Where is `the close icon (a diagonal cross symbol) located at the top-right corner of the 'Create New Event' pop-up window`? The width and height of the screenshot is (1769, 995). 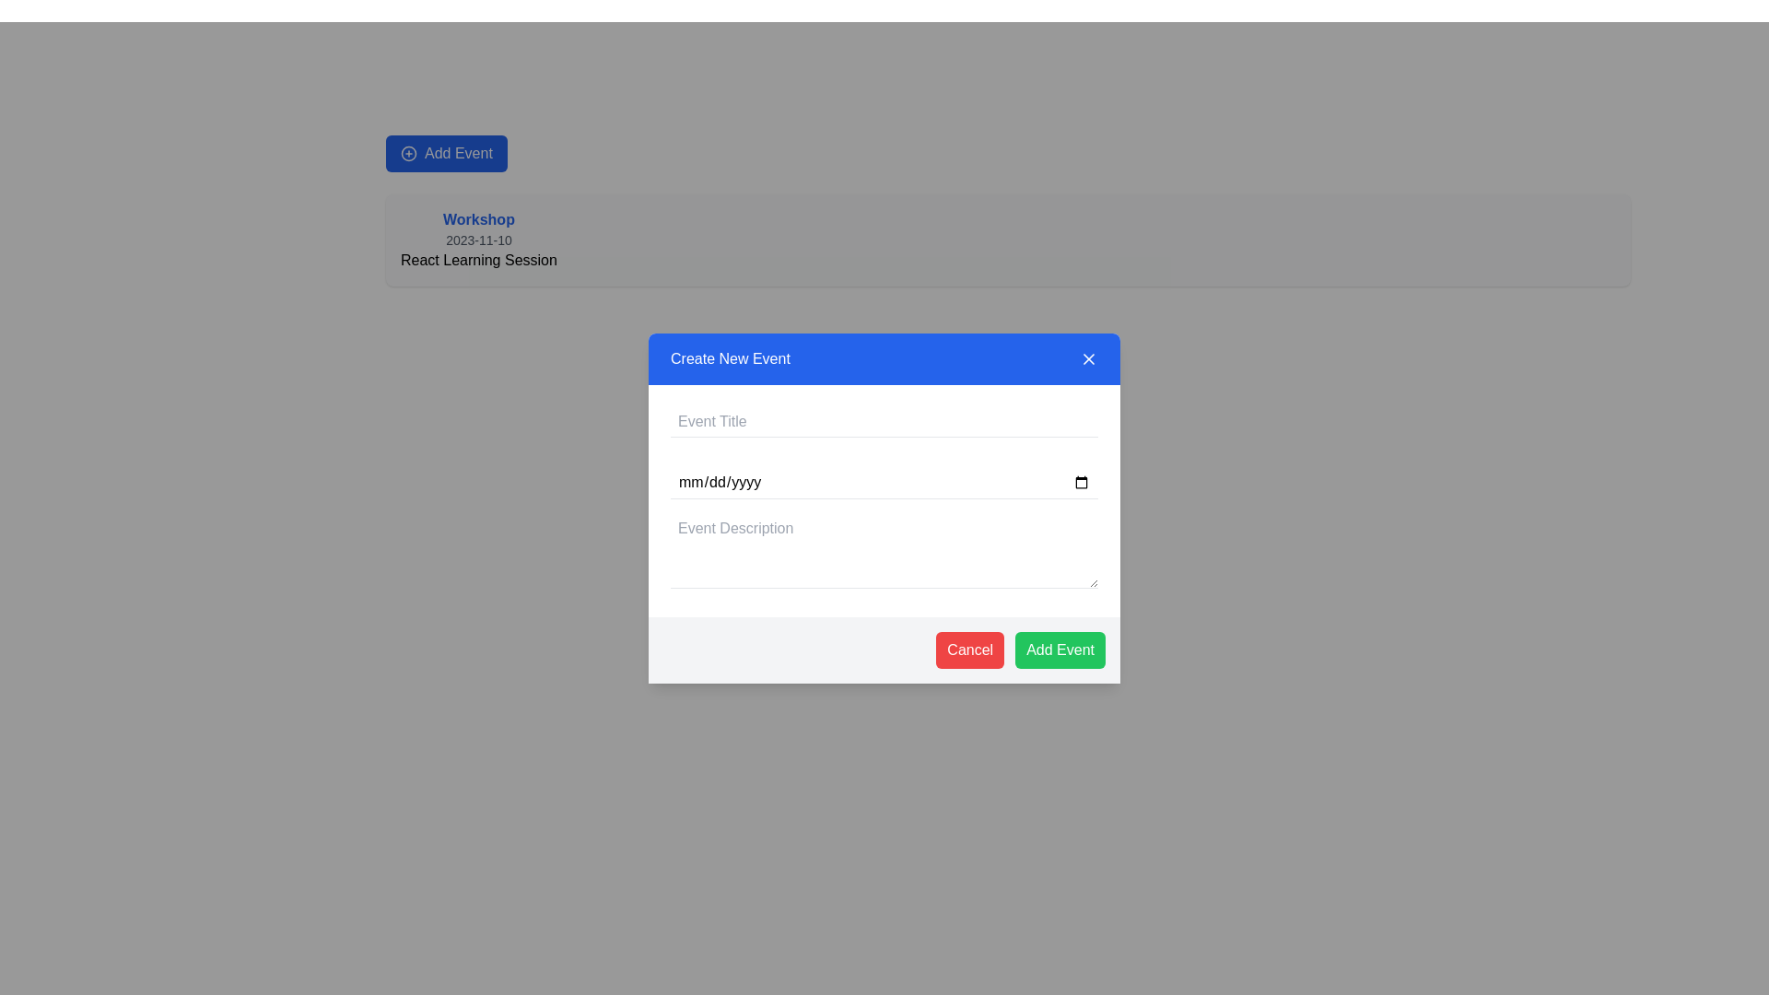
the close icon (a diagonal cross symbol) located at the top-right corner of the 'Create New Event' pop-up window is located at coordinates (1088, 358).